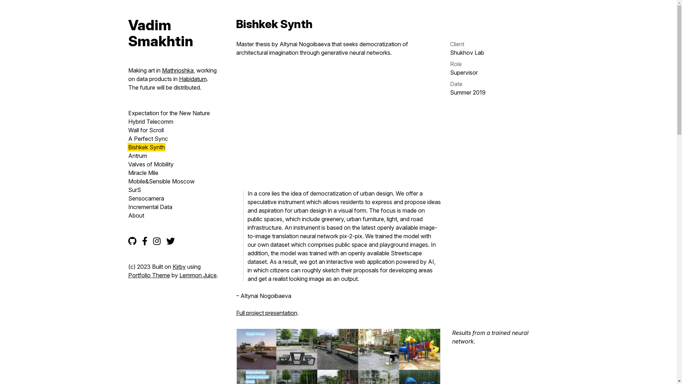 Image resolution: width=682 pixels, height=384 pixels. What do you see at coordinates (127, 181) in the screenshot?
I see `'Mobile&Sensible Moscow'` at bounding box center [127, 181].